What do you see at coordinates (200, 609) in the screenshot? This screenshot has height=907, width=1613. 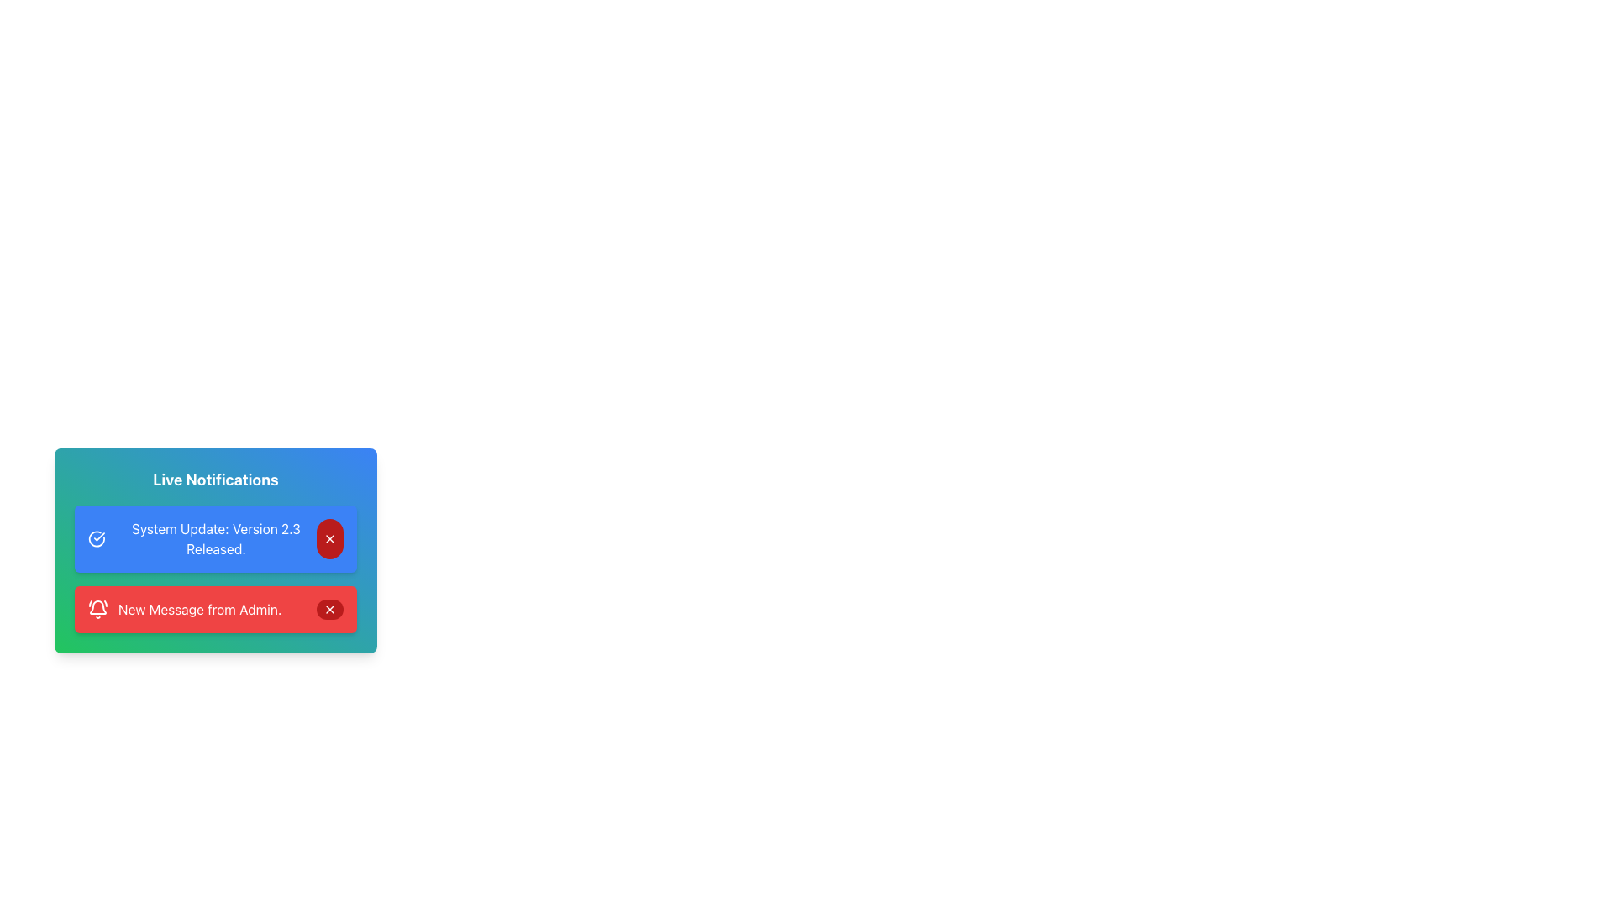 I see `the text label displaying 'New Message from Admin.' which has a bold red background and white centered text, located in the second notification box of the live notifications panel` at bounding box center [200, 609].